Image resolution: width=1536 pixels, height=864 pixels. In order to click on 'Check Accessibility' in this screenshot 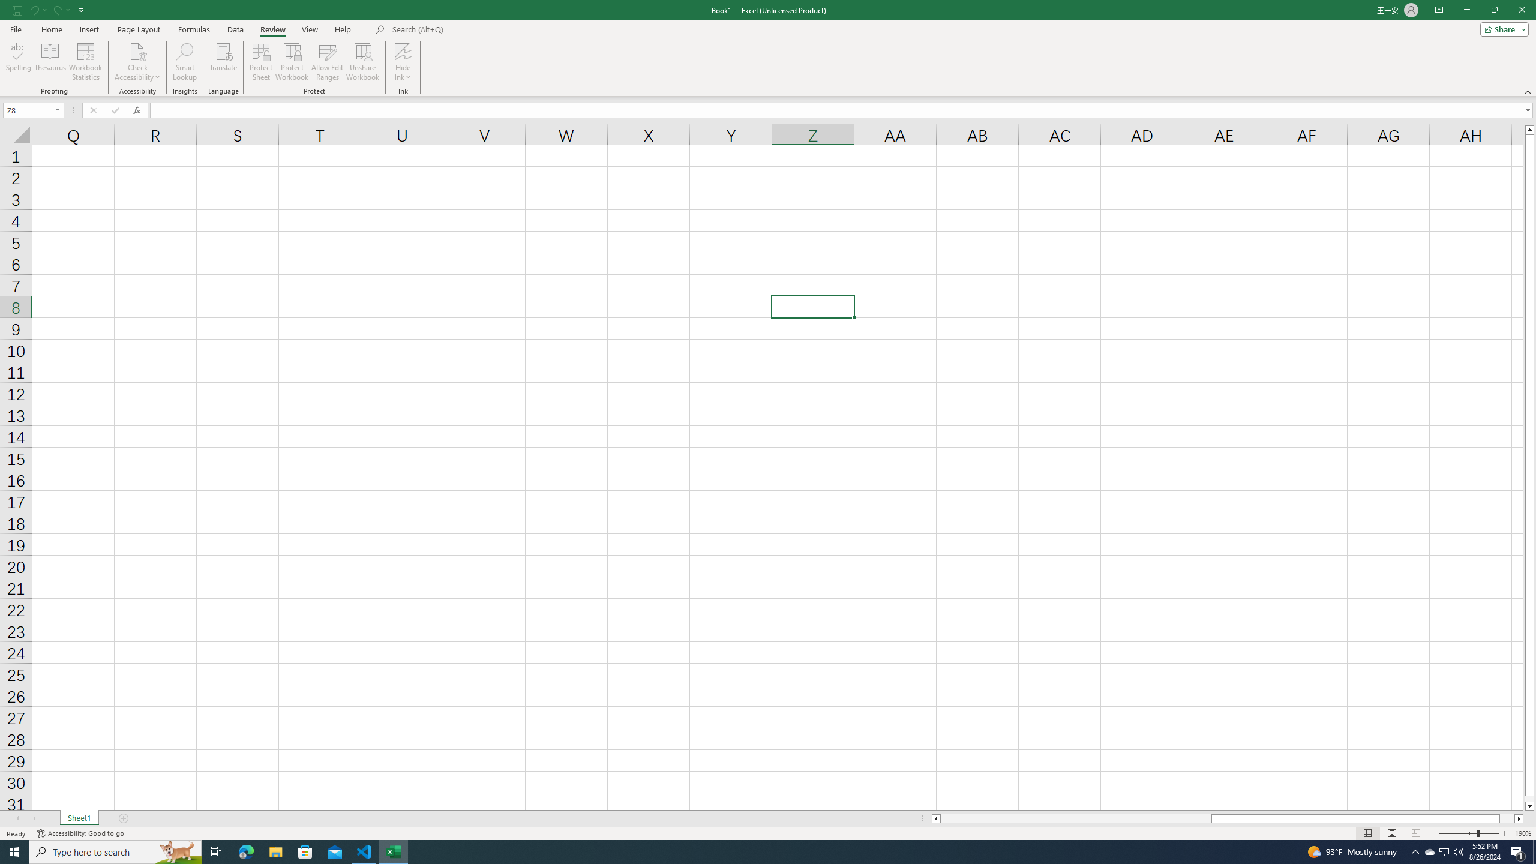, I will do `click(137, 50)`.